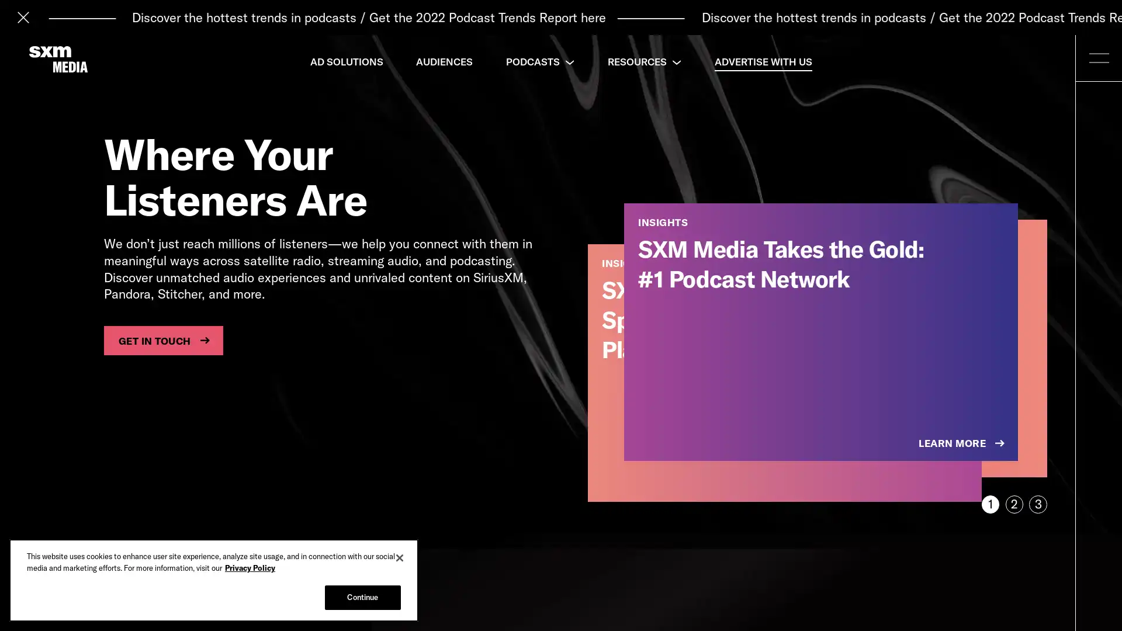 This screenshot has height=631, width=1122. Describe the element at coordinates (362, 597) in the screenshot. I see `Continue` at that location.